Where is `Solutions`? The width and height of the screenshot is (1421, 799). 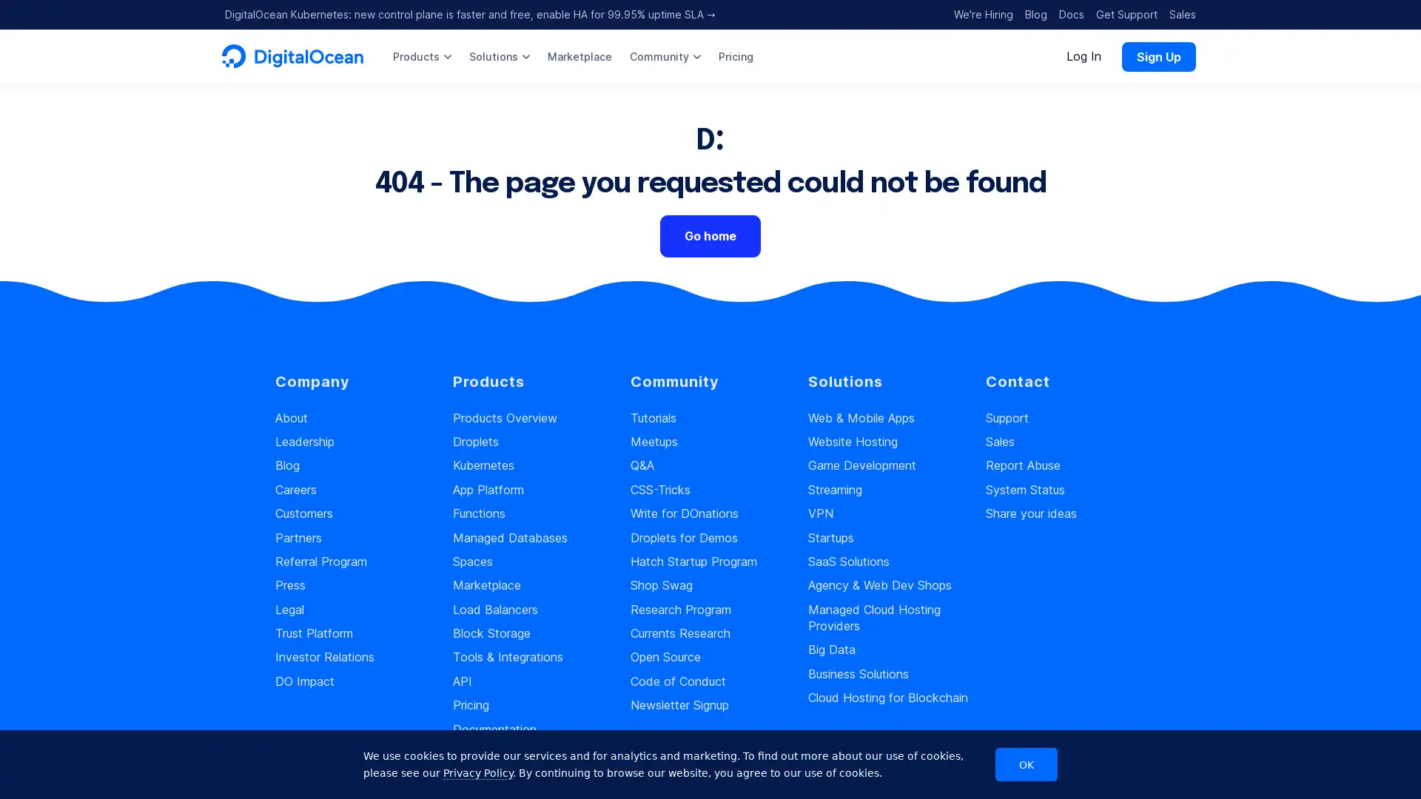
Solutions is located at coordinates (500, 55).